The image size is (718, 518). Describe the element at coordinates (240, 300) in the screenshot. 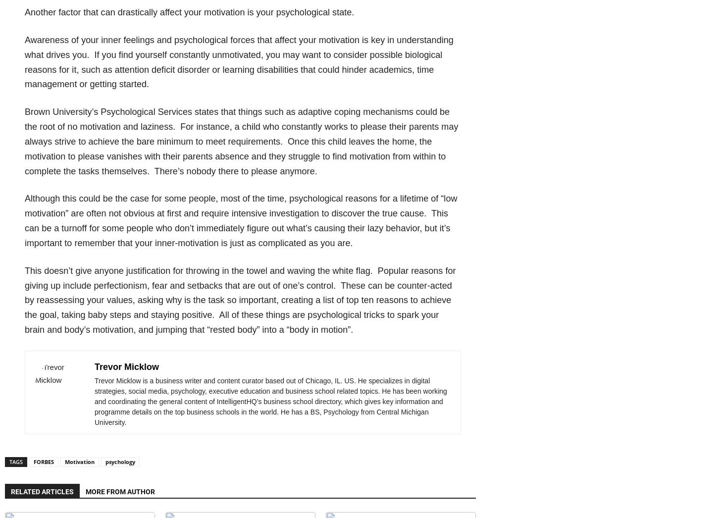

I see `'This doesn’t give anyone justification for throwing in the towel and waving the white flag.  Popular reasons for giving up include perfectionism, fear and setbacks that are out of one’s control.  These can be counter-acted by reassessing your values, asking why is the task so important, creating a list of top ten reasons to achieve the goal, taking baby steps and staying positive.  All of these things are psychological tricks to spark your brain and body’s motivation, and jumping that “rested body” into a “body in motion”.'` at that location.